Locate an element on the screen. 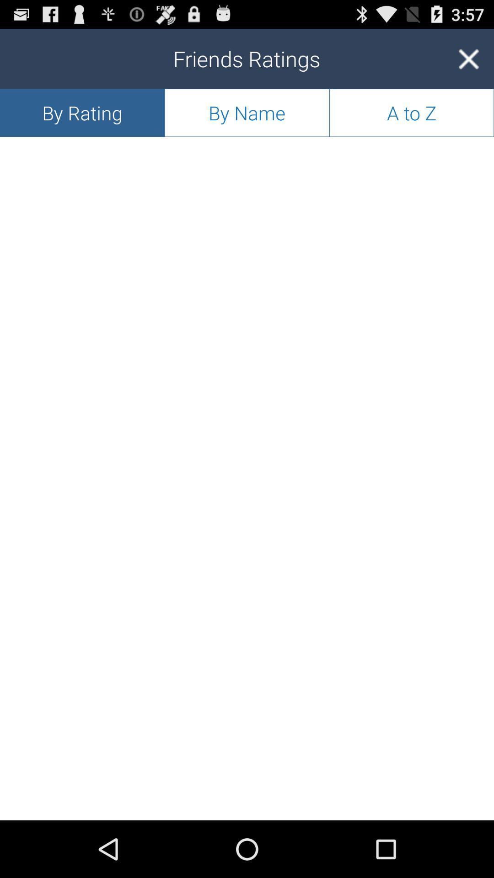  the item next to the by rating is located at coordinates (247, 112).